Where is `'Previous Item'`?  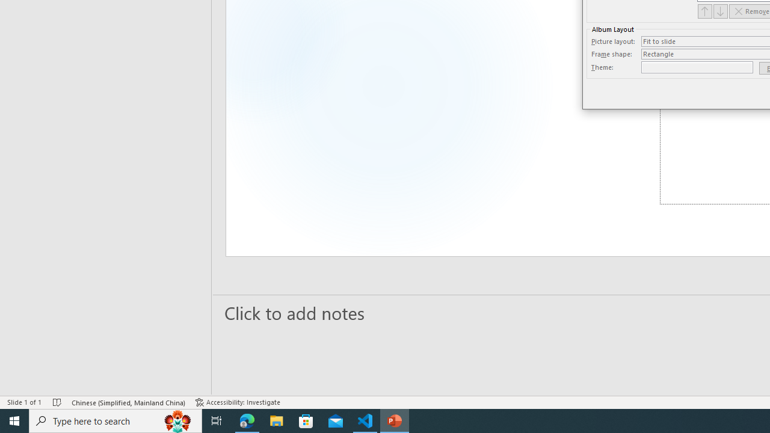 'Previous Item' is located at coordinates (704, 11).